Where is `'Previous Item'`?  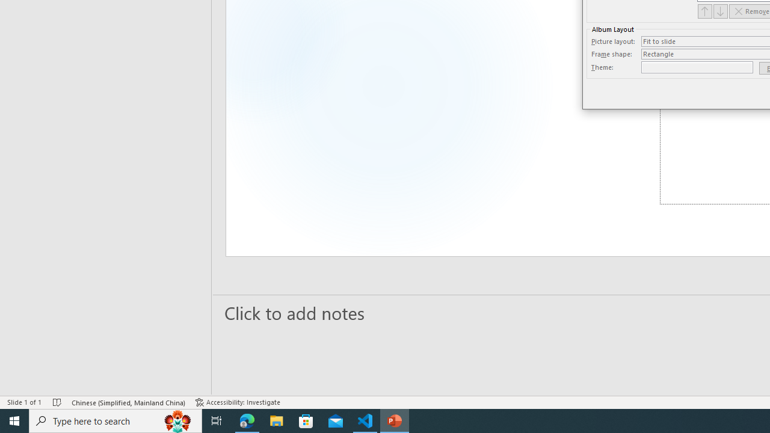 'Previous Item' is located at coordinates (704, 11).